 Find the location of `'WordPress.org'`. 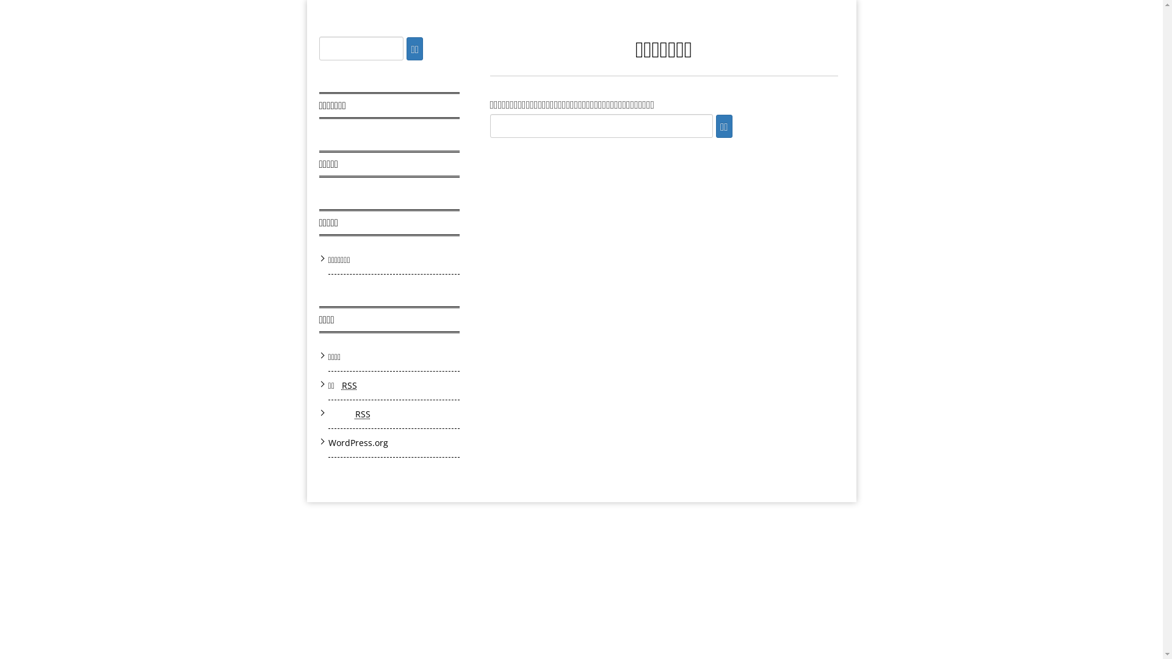

'WordPress.org' is located at coordinates (357, 442).